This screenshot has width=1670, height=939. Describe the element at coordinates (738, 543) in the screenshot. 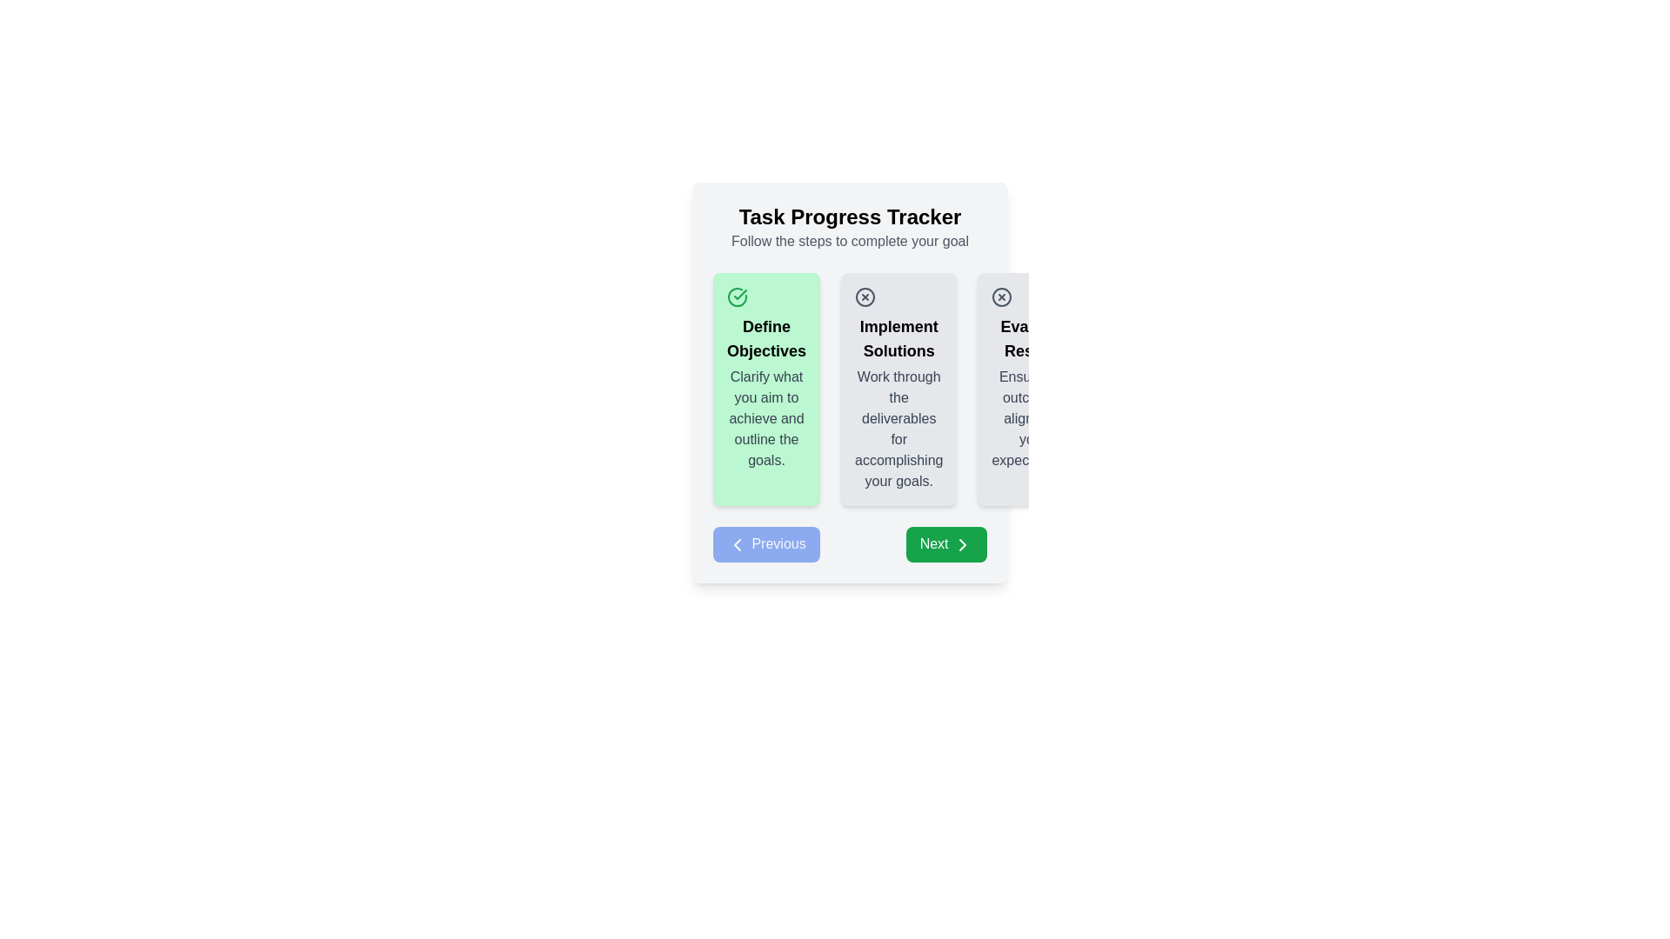

I see `the previous step navigation icon located near the left boundary of the second panel in the bottom row, adjacent to the 'Next' button` at that location.